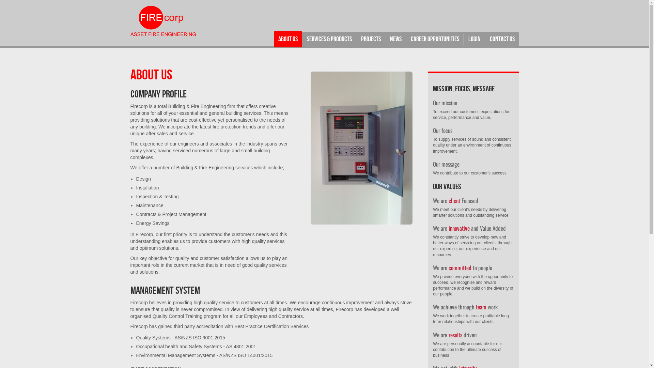 This screenshot has height=368, width=654. I want to click on 'ABOUT US', so click(287, 39).